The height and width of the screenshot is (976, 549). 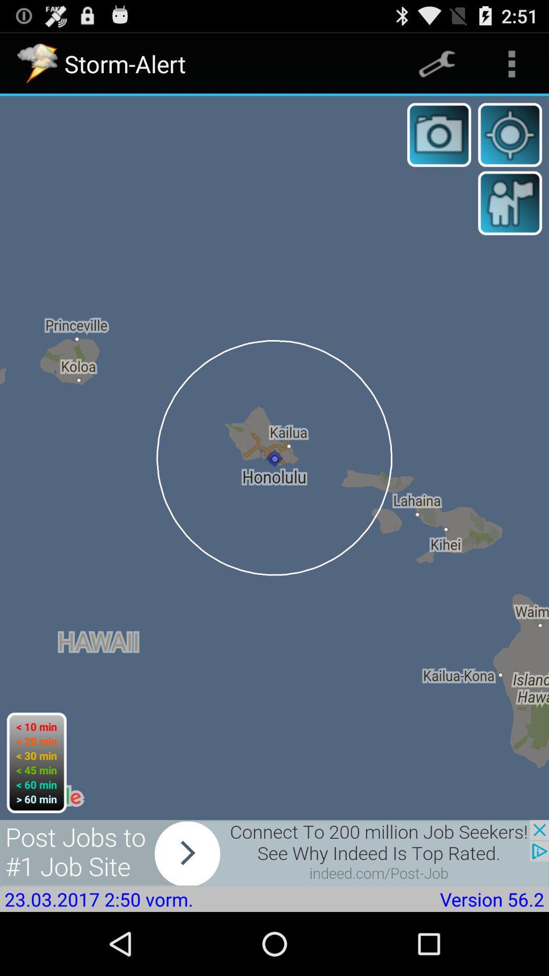 What do you see at coordinates (510, 134) in the screenshot?
I see `zoom in or out` at bounding box center [510, 134].